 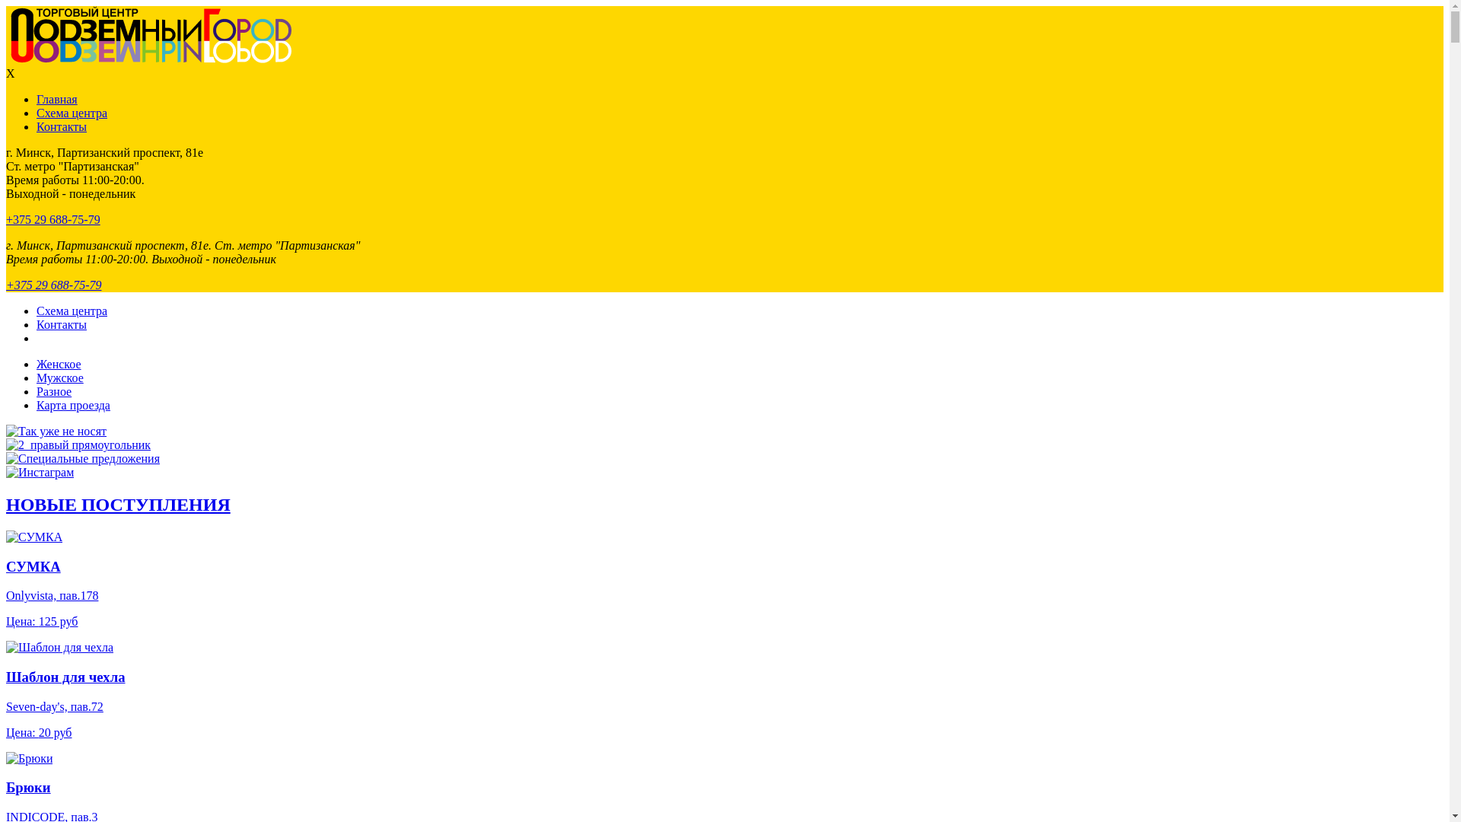 I want to click on '+375 29 688-75-79', so click(x=53, y=219).